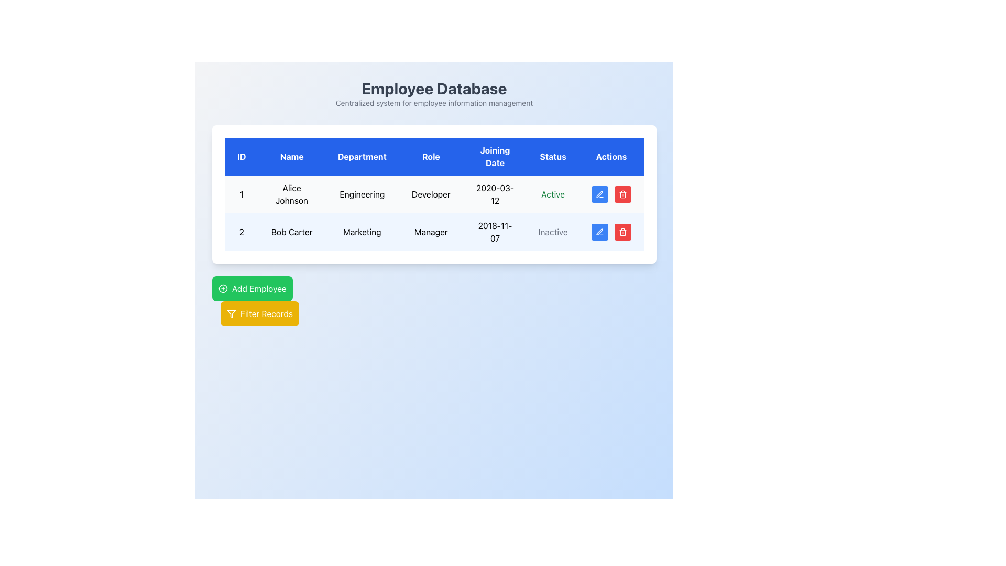 This screenshot has width=1006, height=566. I want to click on the text label displaying 'Active' in green color under the 'Status' column for the employee 'Alice Johnson' in the first row of the table, so click(552, 194).